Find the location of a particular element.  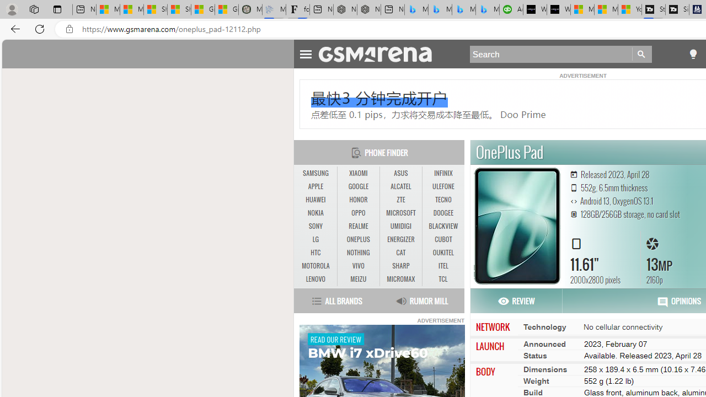

'ALCATEL' is located at coordinates (400, 186).